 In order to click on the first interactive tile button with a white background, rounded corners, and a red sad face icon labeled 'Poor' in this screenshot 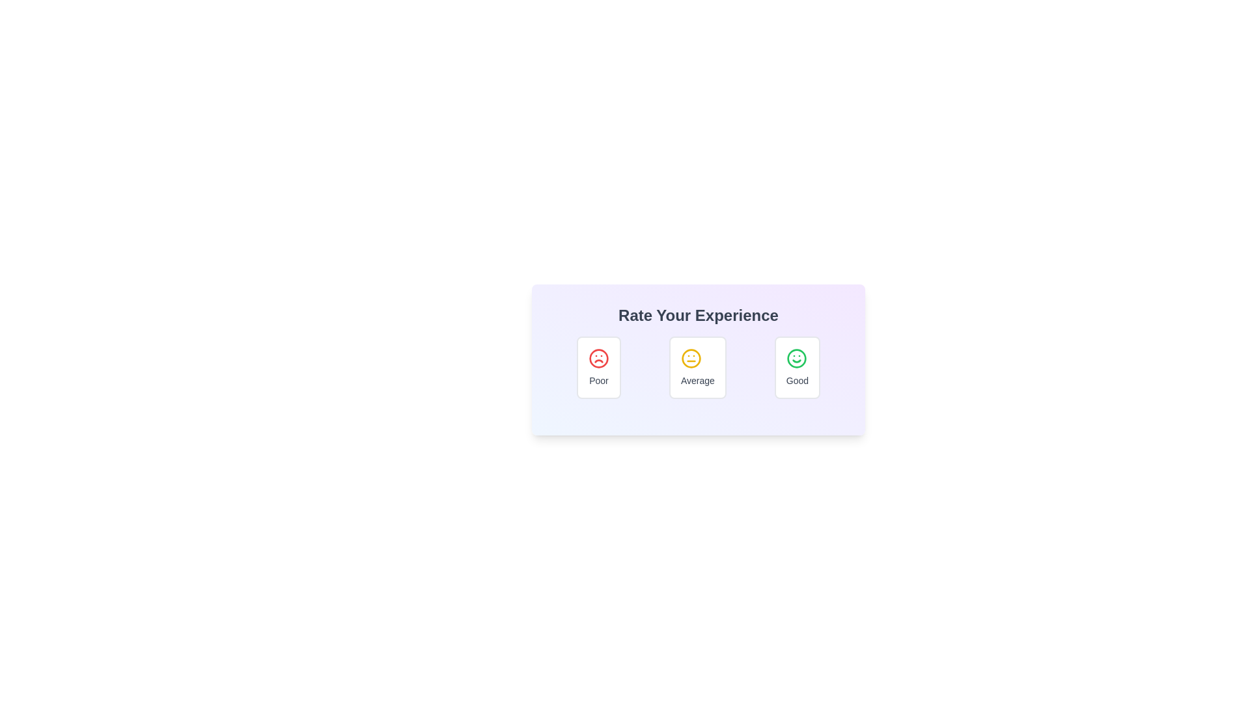, I will do `click(598, 367)`.